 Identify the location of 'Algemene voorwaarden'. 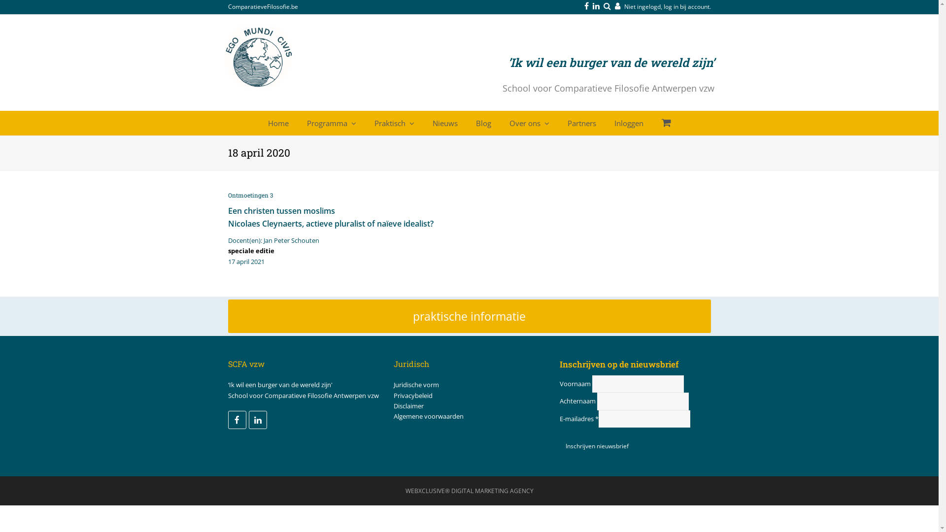
(428, 416).